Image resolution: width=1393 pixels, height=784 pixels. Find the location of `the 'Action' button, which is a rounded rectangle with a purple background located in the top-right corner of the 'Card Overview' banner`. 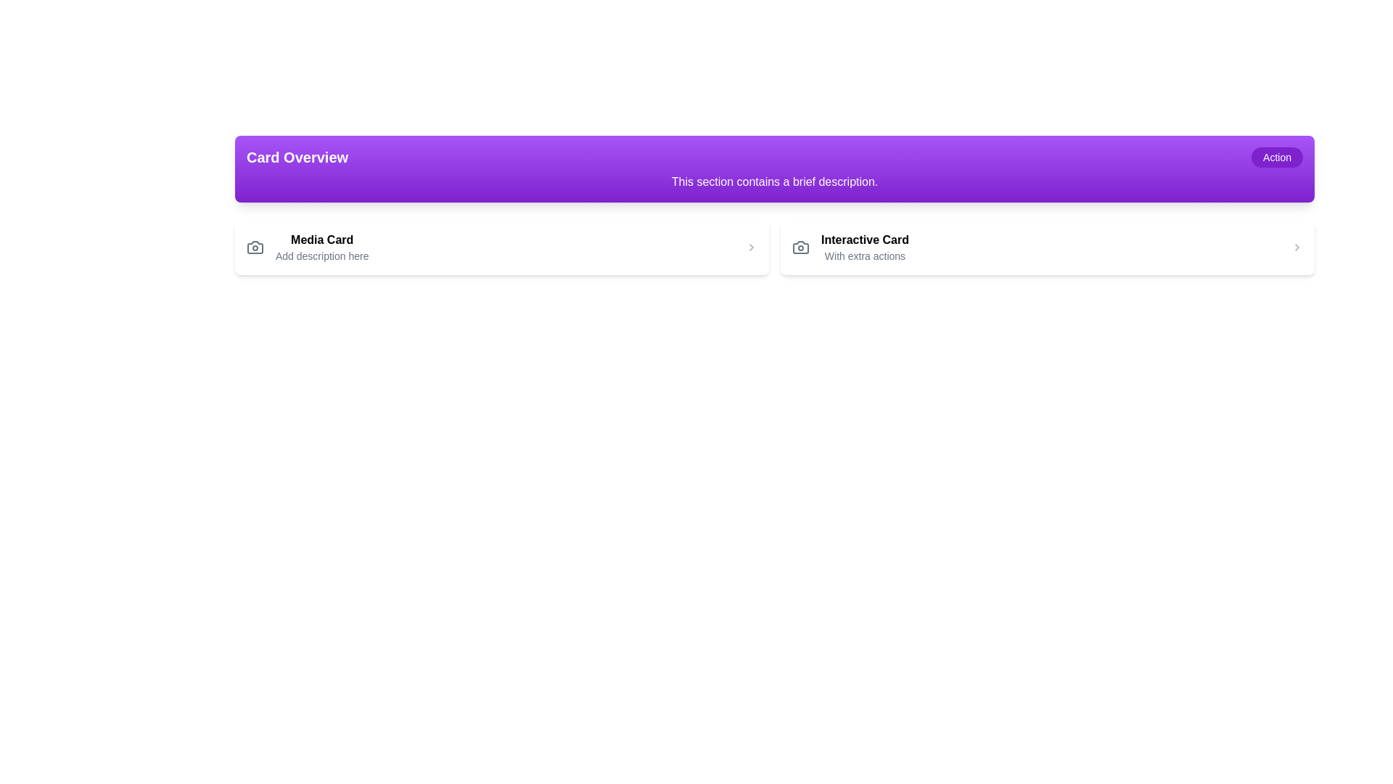

the 'Action' button, which is a rounded rectangle with a purple background located in the top-right corner of the 'Card Overview' banner is located at coordinates (1277, 157).